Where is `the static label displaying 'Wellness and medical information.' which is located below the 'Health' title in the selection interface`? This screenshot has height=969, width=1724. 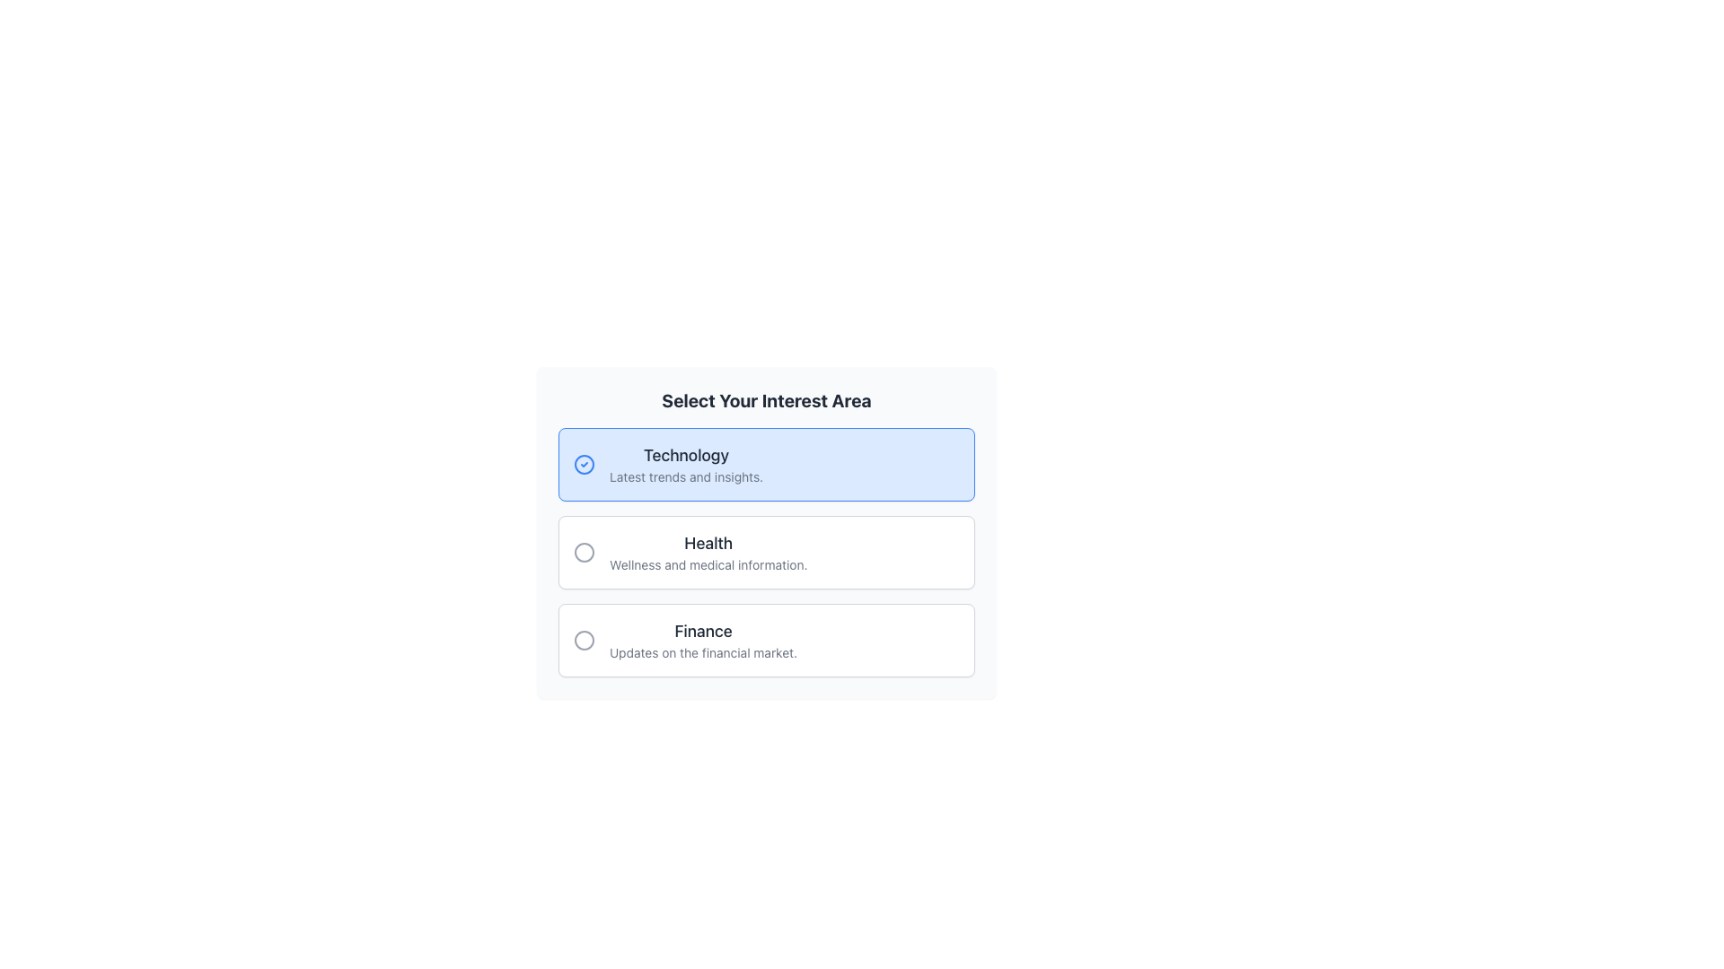
the static label displaying 'Wellness and medical information.' which is located below the 'Health' title in the selection interface is located at coordinates (708, 563).